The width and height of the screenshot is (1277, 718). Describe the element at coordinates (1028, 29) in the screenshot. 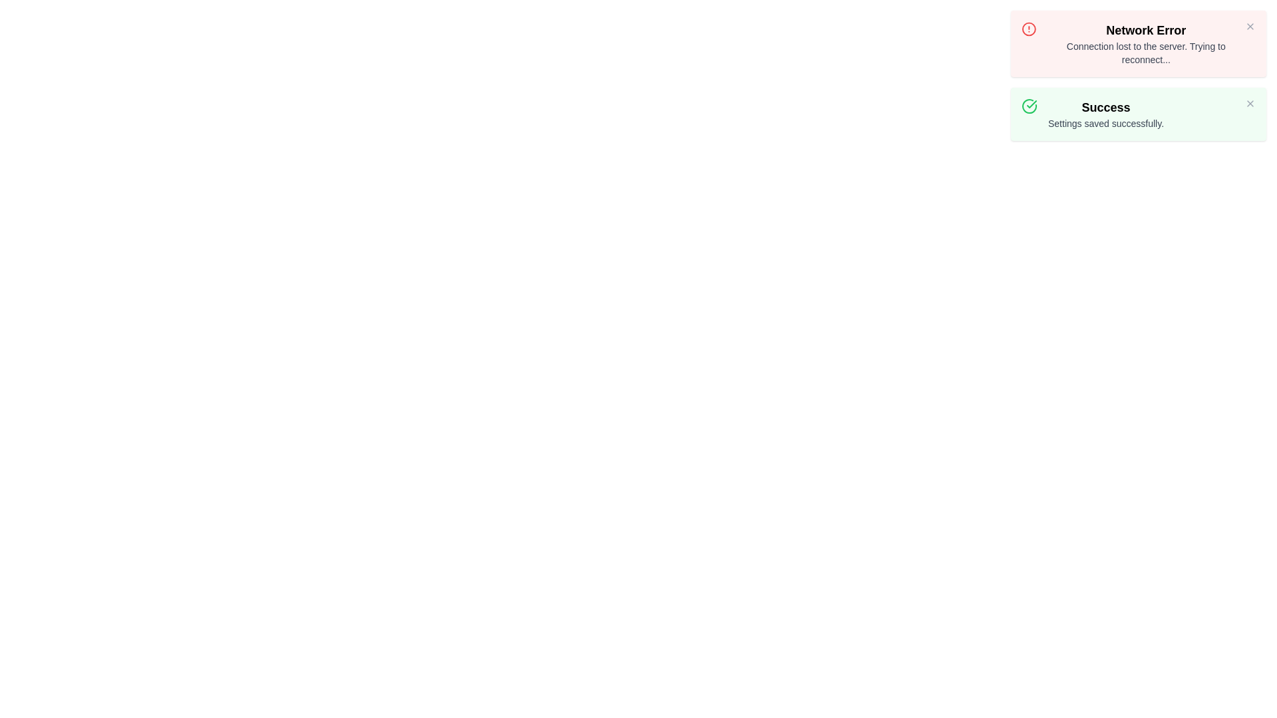

I see `the error/warning icon located at the top-left corner of the 'Network Error' panel, just before the text 'Network Error'` at that location.